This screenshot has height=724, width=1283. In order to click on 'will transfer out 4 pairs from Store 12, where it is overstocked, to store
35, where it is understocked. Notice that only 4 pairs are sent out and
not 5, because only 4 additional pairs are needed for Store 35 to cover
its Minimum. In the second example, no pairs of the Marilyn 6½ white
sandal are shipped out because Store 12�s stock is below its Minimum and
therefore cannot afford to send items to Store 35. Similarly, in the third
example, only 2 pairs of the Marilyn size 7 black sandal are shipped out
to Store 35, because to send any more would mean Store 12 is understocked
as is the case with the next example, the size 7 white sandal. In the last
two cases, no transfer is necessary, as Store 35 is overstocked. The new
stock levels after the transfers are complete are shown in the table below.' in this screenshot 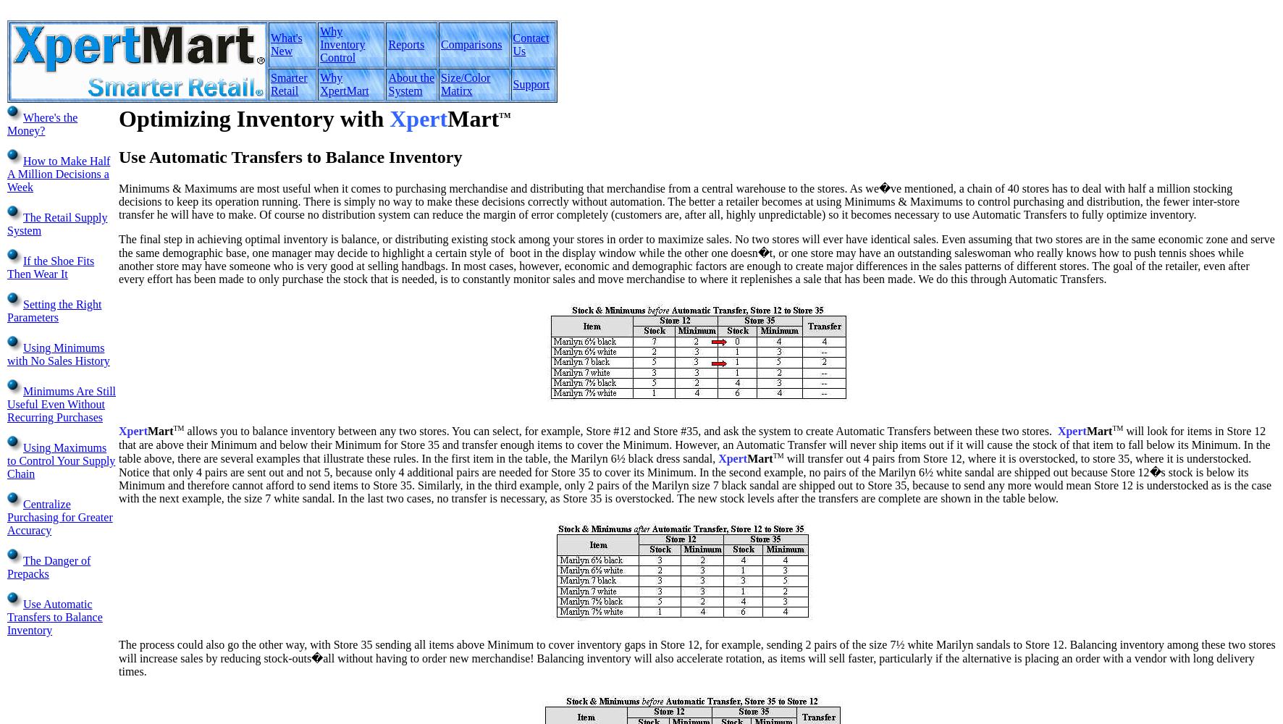, I will do `click(119, 479)`.